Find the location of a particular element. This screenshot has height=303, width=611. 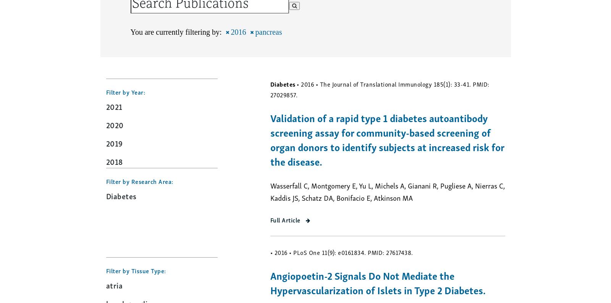

'2013' is located at coordinates (114, 252).